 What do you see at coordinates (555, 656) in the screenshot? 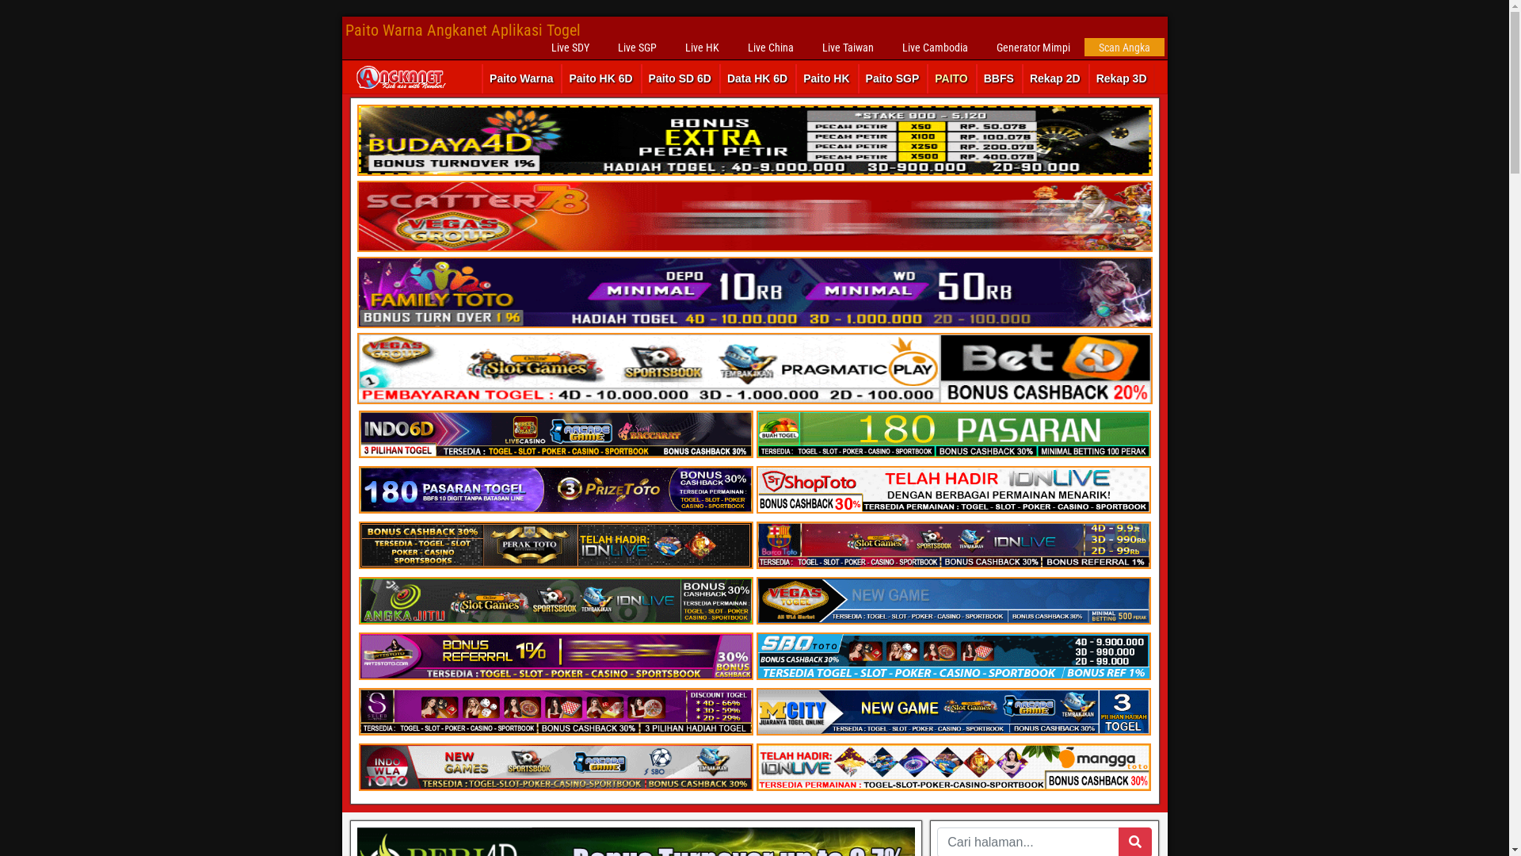
I see `'Bandar Judi Online Terpercaya ARTISTOTO'` at bounding box center [555, 656].